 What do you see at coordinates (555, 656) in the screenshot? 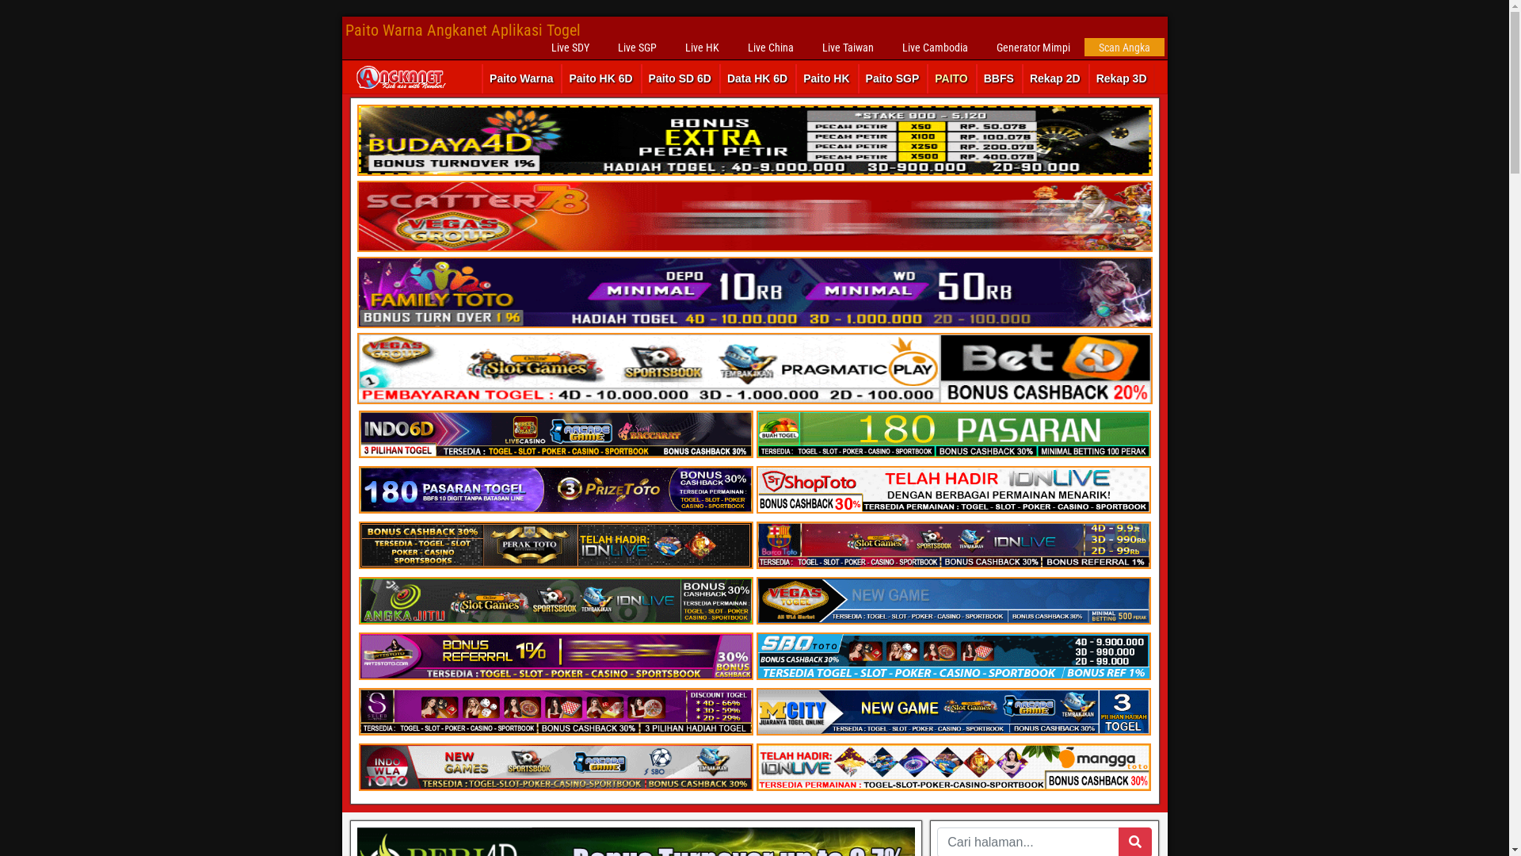
I see `'Bandar Judi Online Terpercaya ARTISTOTO'` at bounding box center [555, 656].